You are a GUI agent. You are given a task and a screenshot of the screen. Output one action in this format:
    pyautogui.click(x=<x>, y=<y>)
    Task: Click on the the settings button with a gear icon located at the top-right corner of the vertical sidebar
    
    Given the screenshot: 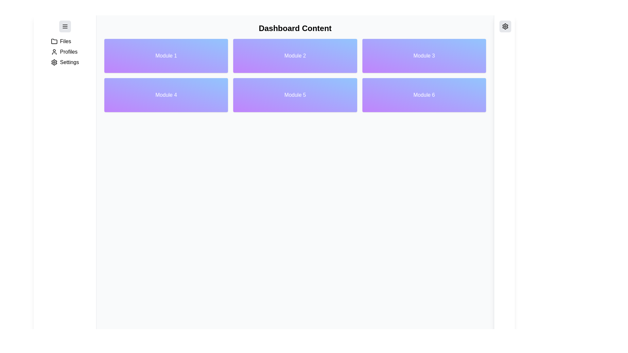 What is the action you would take?
    pyautogui.click(x=505, y=26)
    